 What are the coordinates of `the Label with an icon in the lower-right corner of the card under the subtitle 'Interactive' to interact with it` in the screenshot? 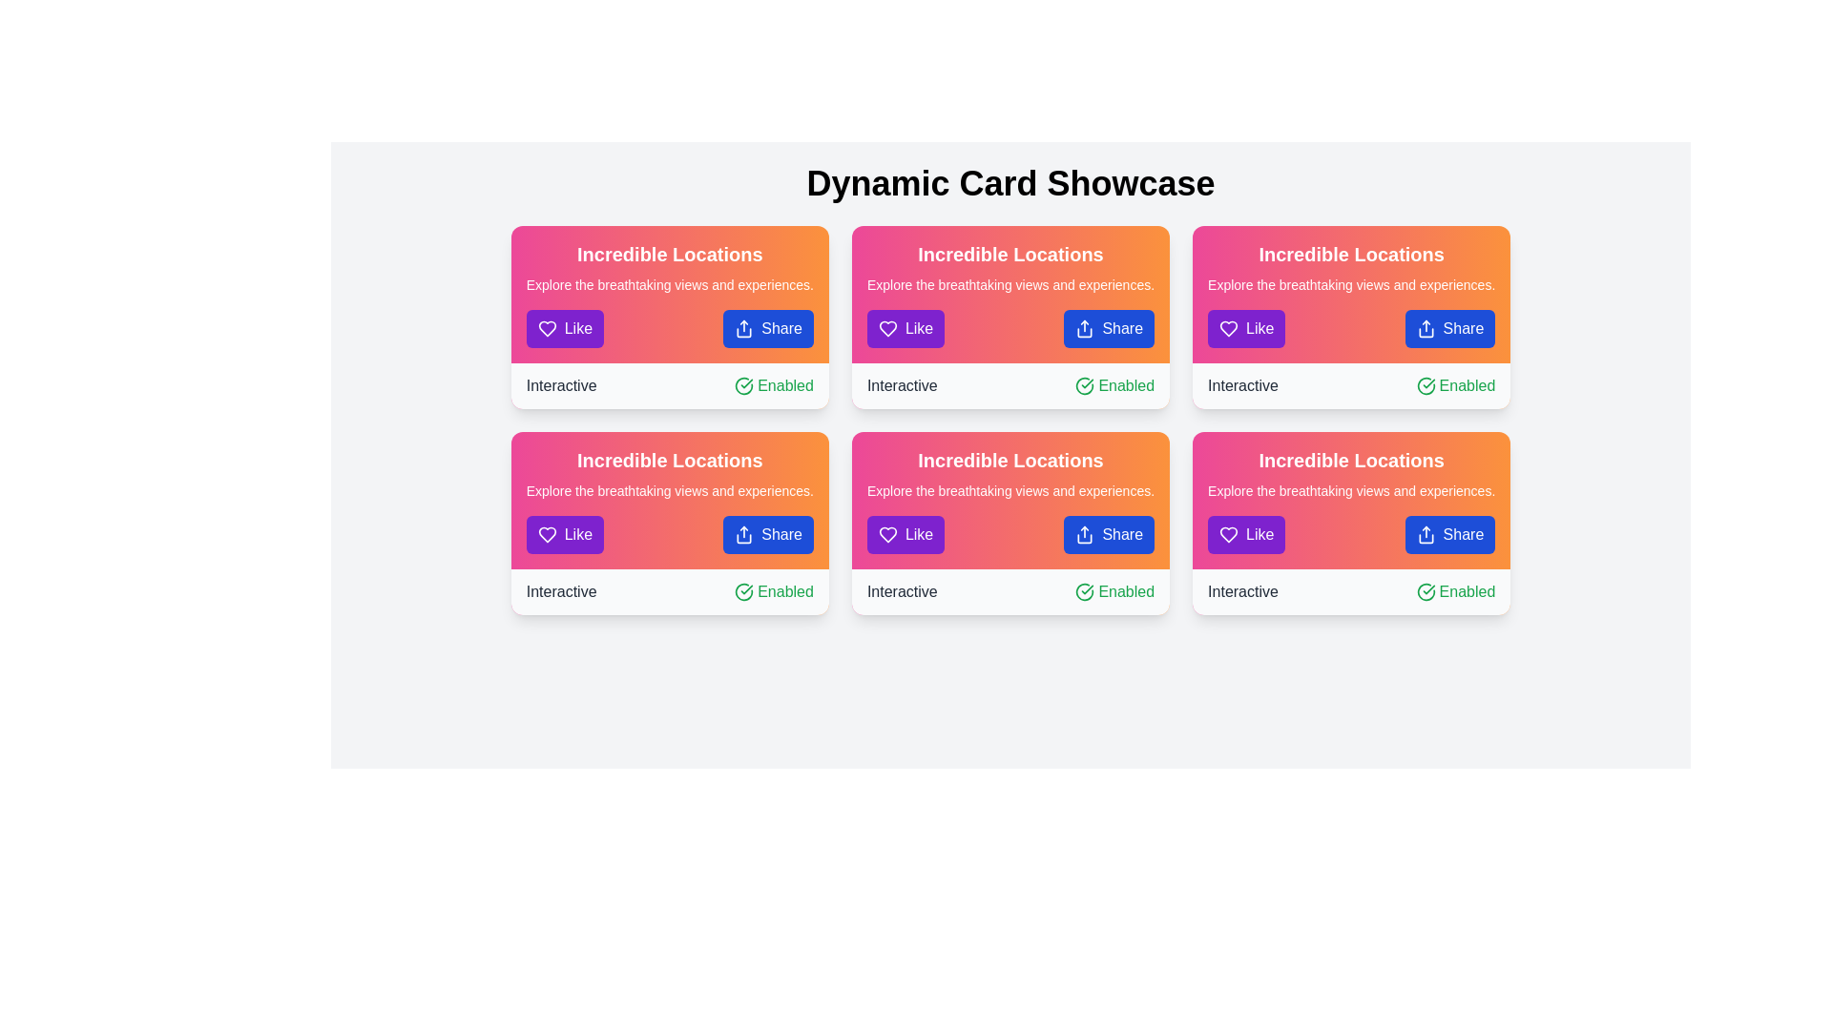 It's located at (774, 591).